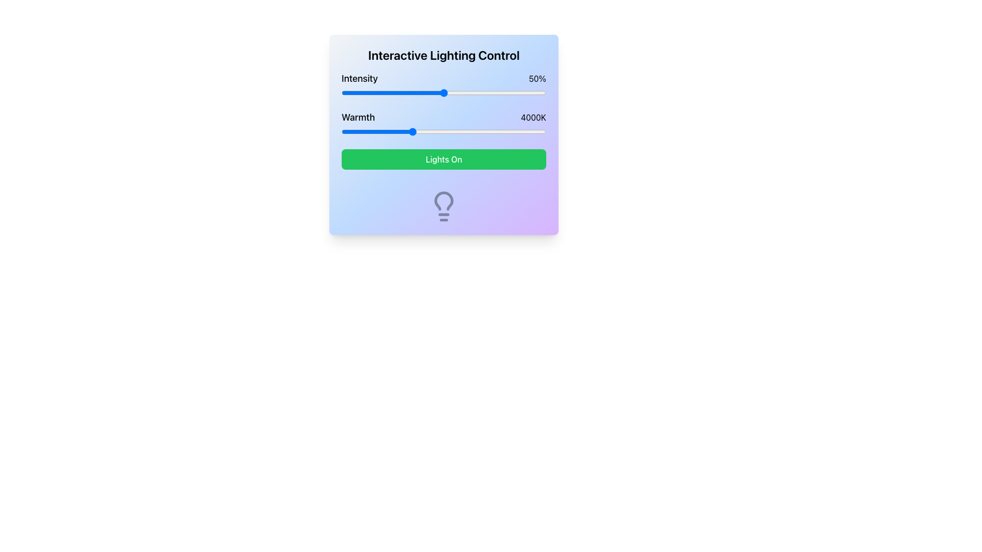  I want to click on the rectangular button with a vibrant green background and the text 'Lights On' to receive feedback, so click(444, 159).